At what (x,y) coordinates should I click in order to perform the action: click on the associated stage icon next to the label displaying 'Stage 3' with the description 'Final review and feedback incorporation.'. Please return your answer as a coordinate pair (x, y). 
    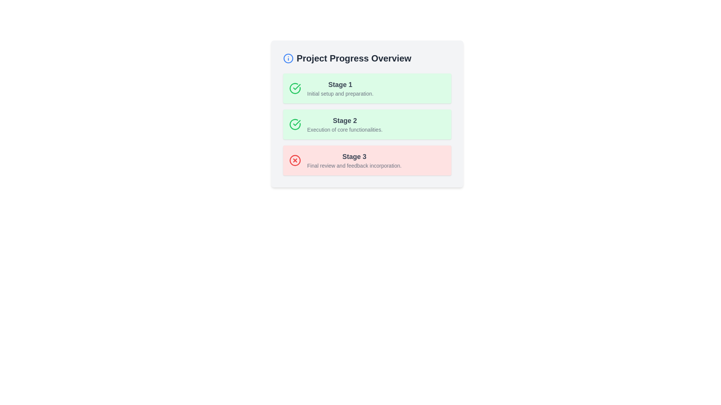
    Looking at the image, I should click on (354, 160).